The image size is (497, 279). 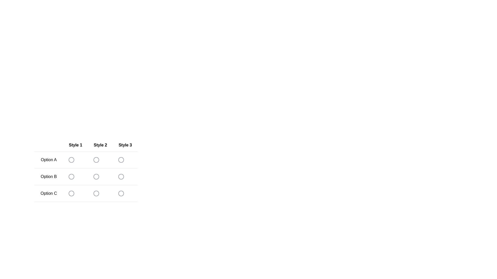 I want to click on the middle radio button for 'Option B' under the 'Style 2' column using the keyboard, so click(x=86, y=170).